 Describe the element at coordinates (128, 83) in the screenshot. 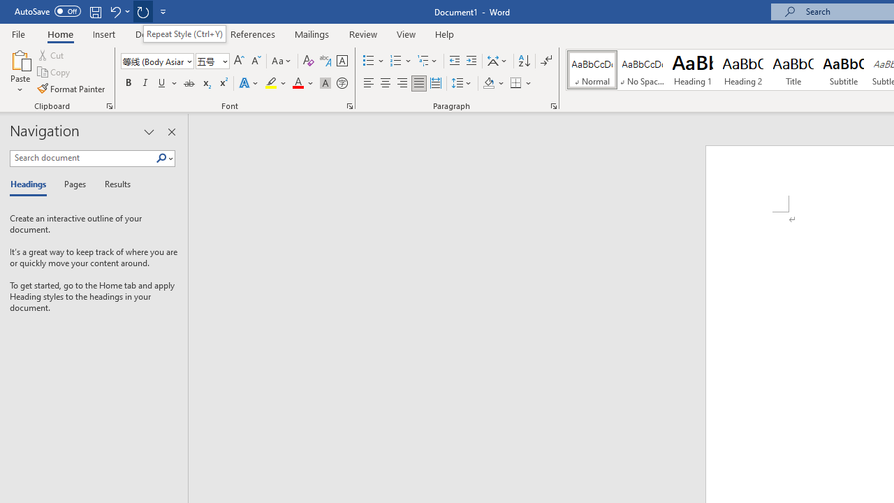

I see `'Bold'` at that location.